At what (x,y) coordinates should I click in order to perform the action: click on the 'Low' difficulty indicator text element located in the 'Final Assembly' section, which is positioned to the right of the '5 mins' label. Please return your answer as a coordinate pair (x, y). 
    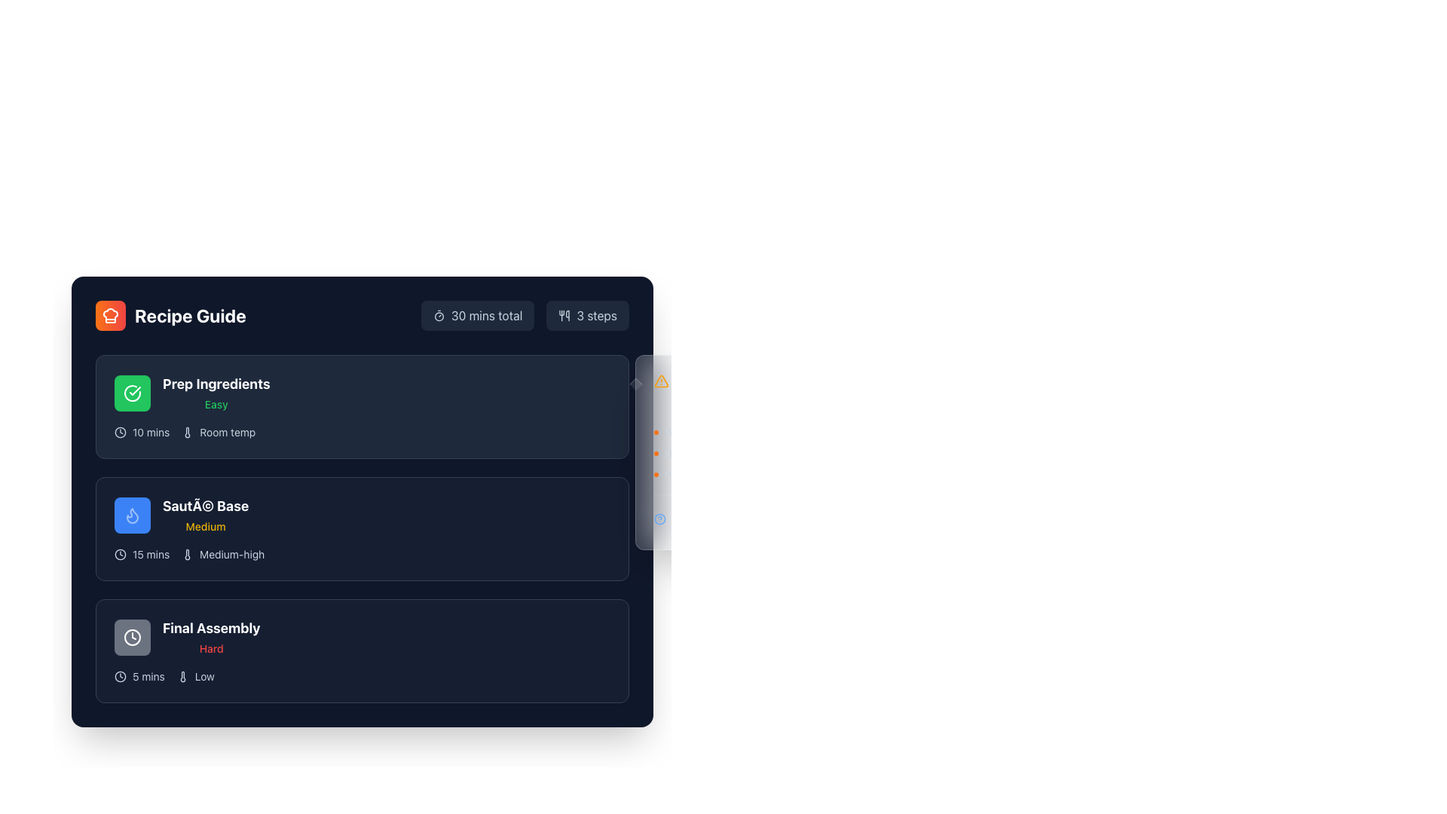
    Looking at the image, I should click on (194, 676).